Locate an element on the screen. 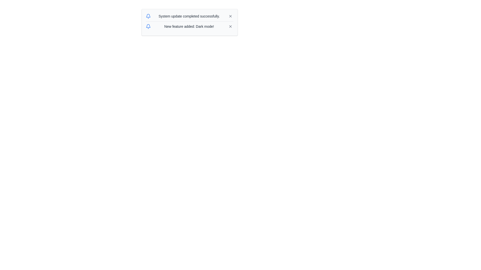 Image resolution: width=481 pixels, height=270 pixels. the Text Display that shows notification messages about new features, positioned to the right of a blue bell icon is located at coordinates (189, 26).